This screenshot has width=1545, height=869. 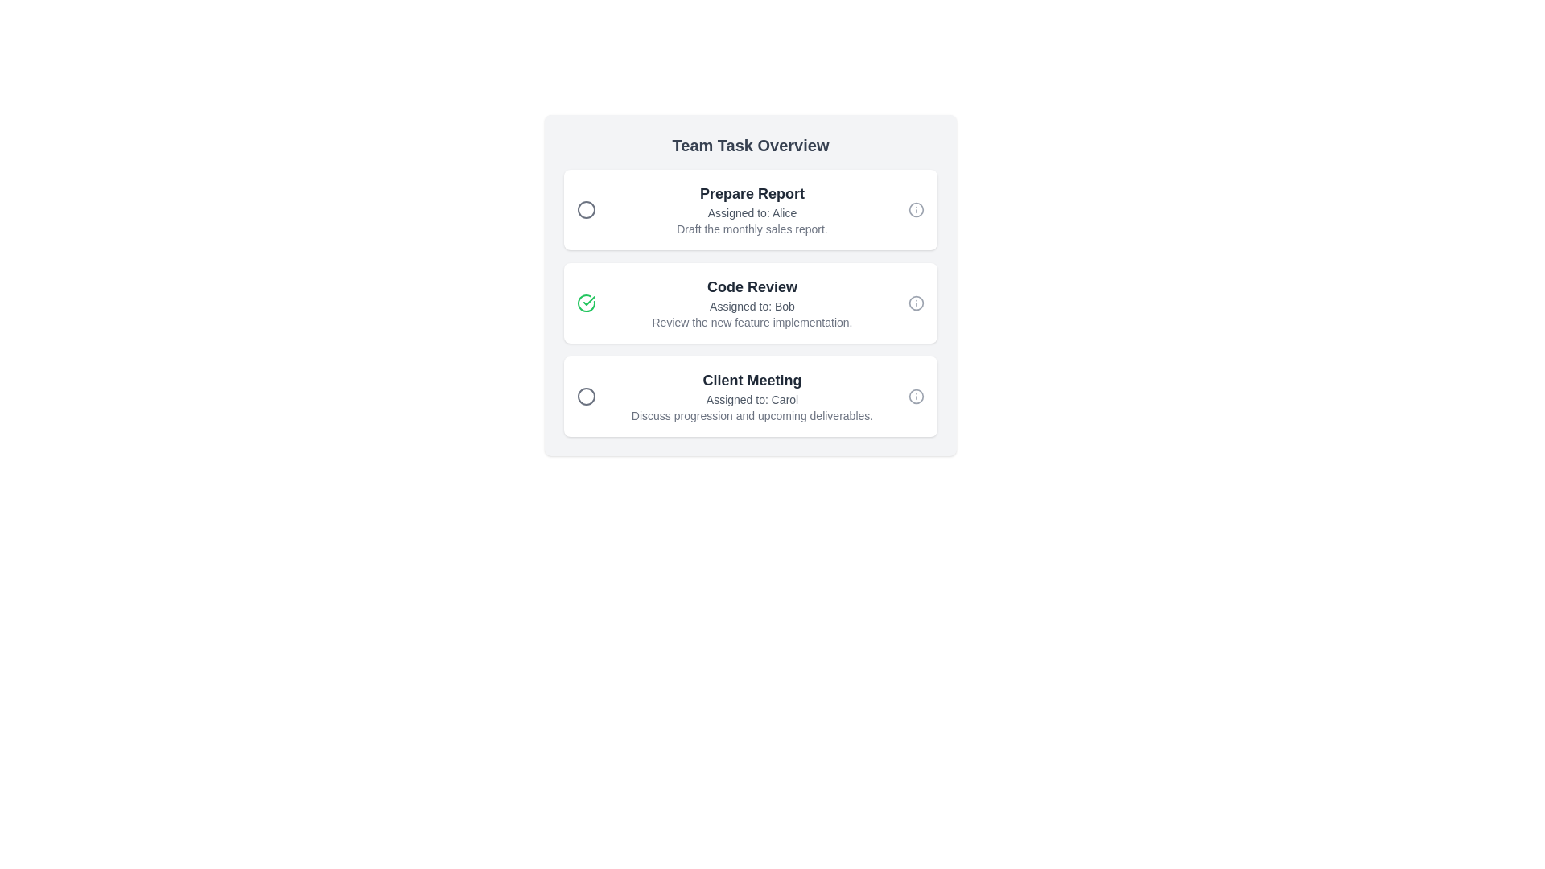 What do you see at coordinates (752, 323) in the screenshot?
I see `the line of text that reads 'Review the new feature implementation.' styled with a small font size and gray coloring, located in the 'Code Review' section below 'Assigned to: Bob'` at bounding box center [752, 323].